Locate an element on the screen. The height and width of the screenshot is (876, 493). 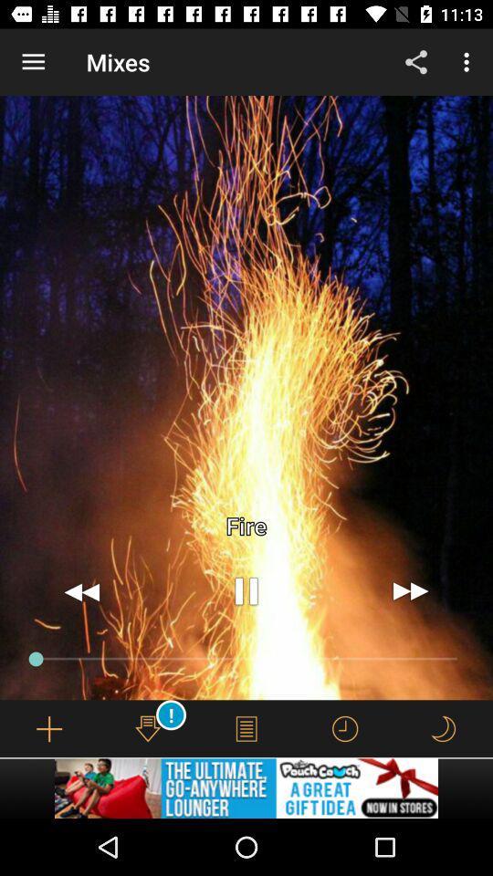
the time icon is located at coordinates (345, 728).